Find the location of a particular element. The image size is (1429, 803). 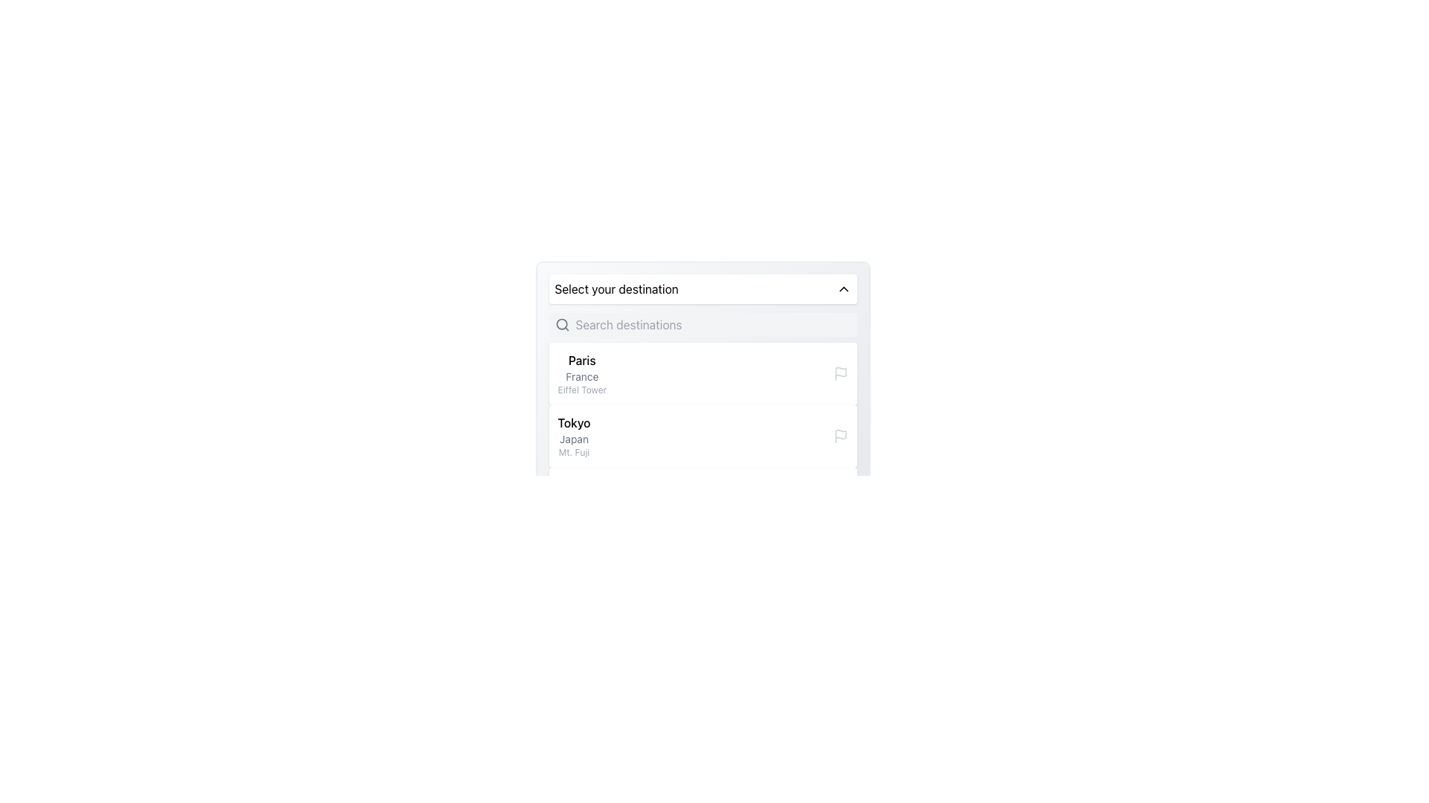

the text-based information card displaying 'Paris', which is the first item in the list under the selection box titled 'Select your destination' is located at coordinates (581, 373).